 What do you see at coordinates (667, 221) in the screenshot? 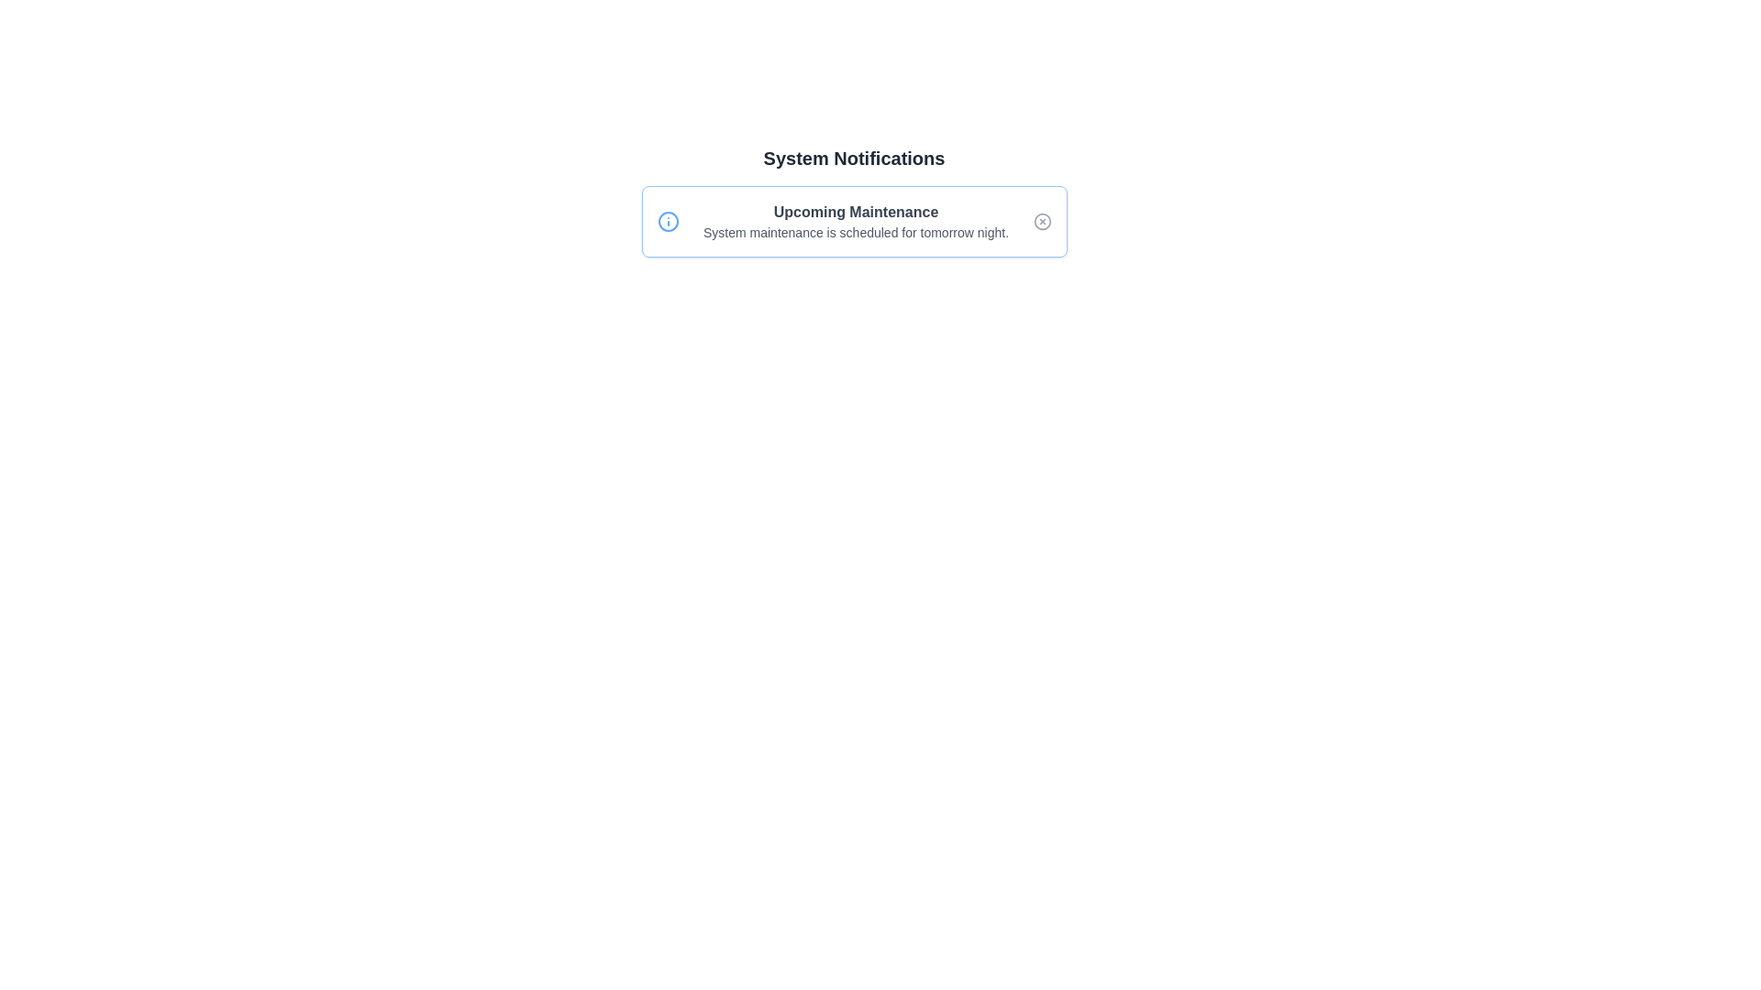
I see `the notification icon to interact with it` at bounding box center [667, 221].